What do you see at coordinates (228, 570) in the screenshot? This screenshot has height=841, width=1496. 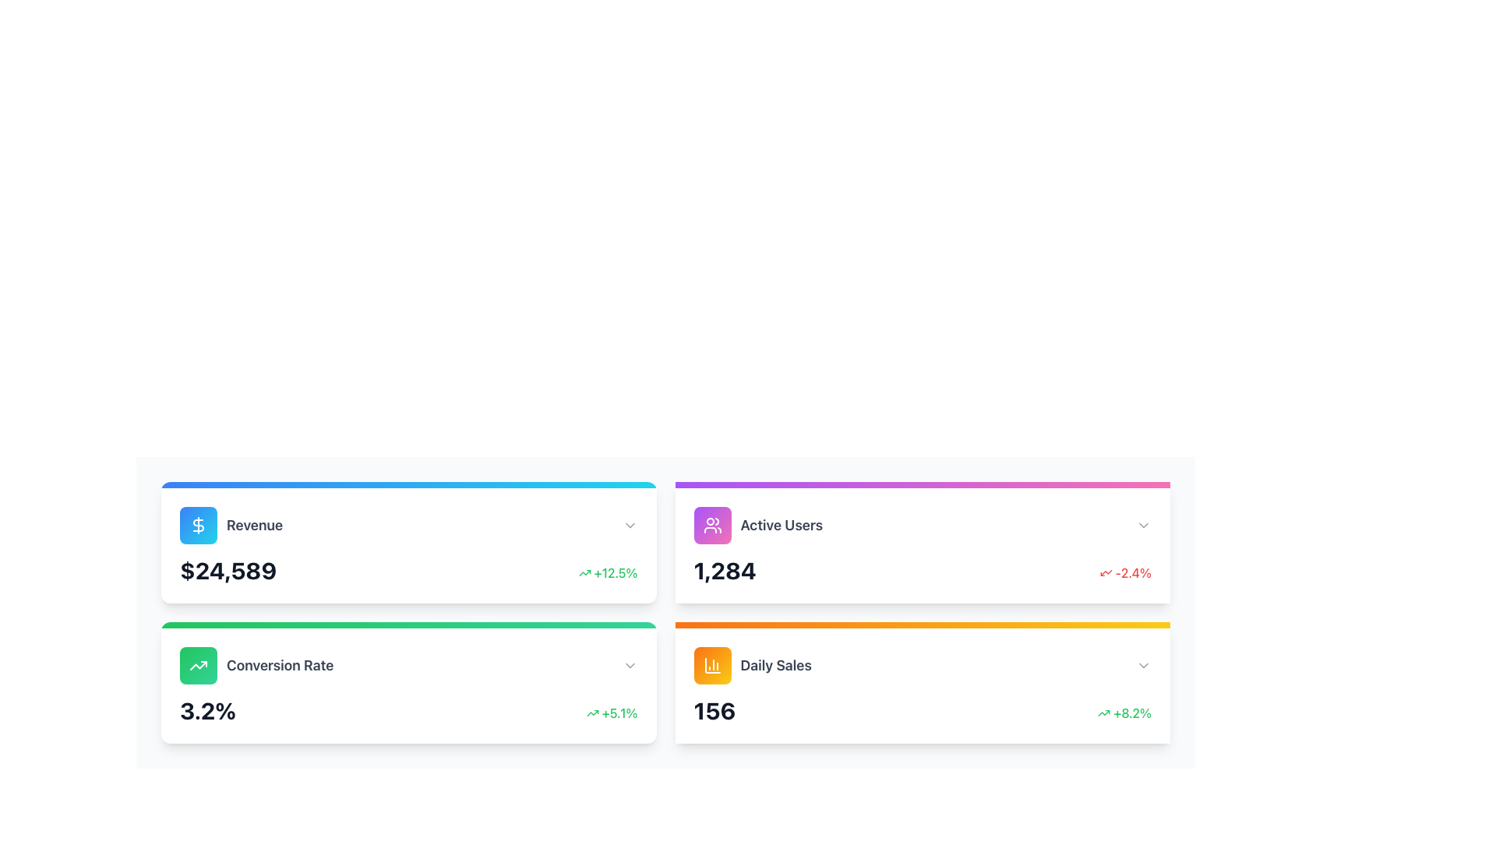 I see `the Text Label displaying the numeric value '$24,589', which is styled in a bold and large font, located below the 'Revenue' label` at bounding box center [228, 570].